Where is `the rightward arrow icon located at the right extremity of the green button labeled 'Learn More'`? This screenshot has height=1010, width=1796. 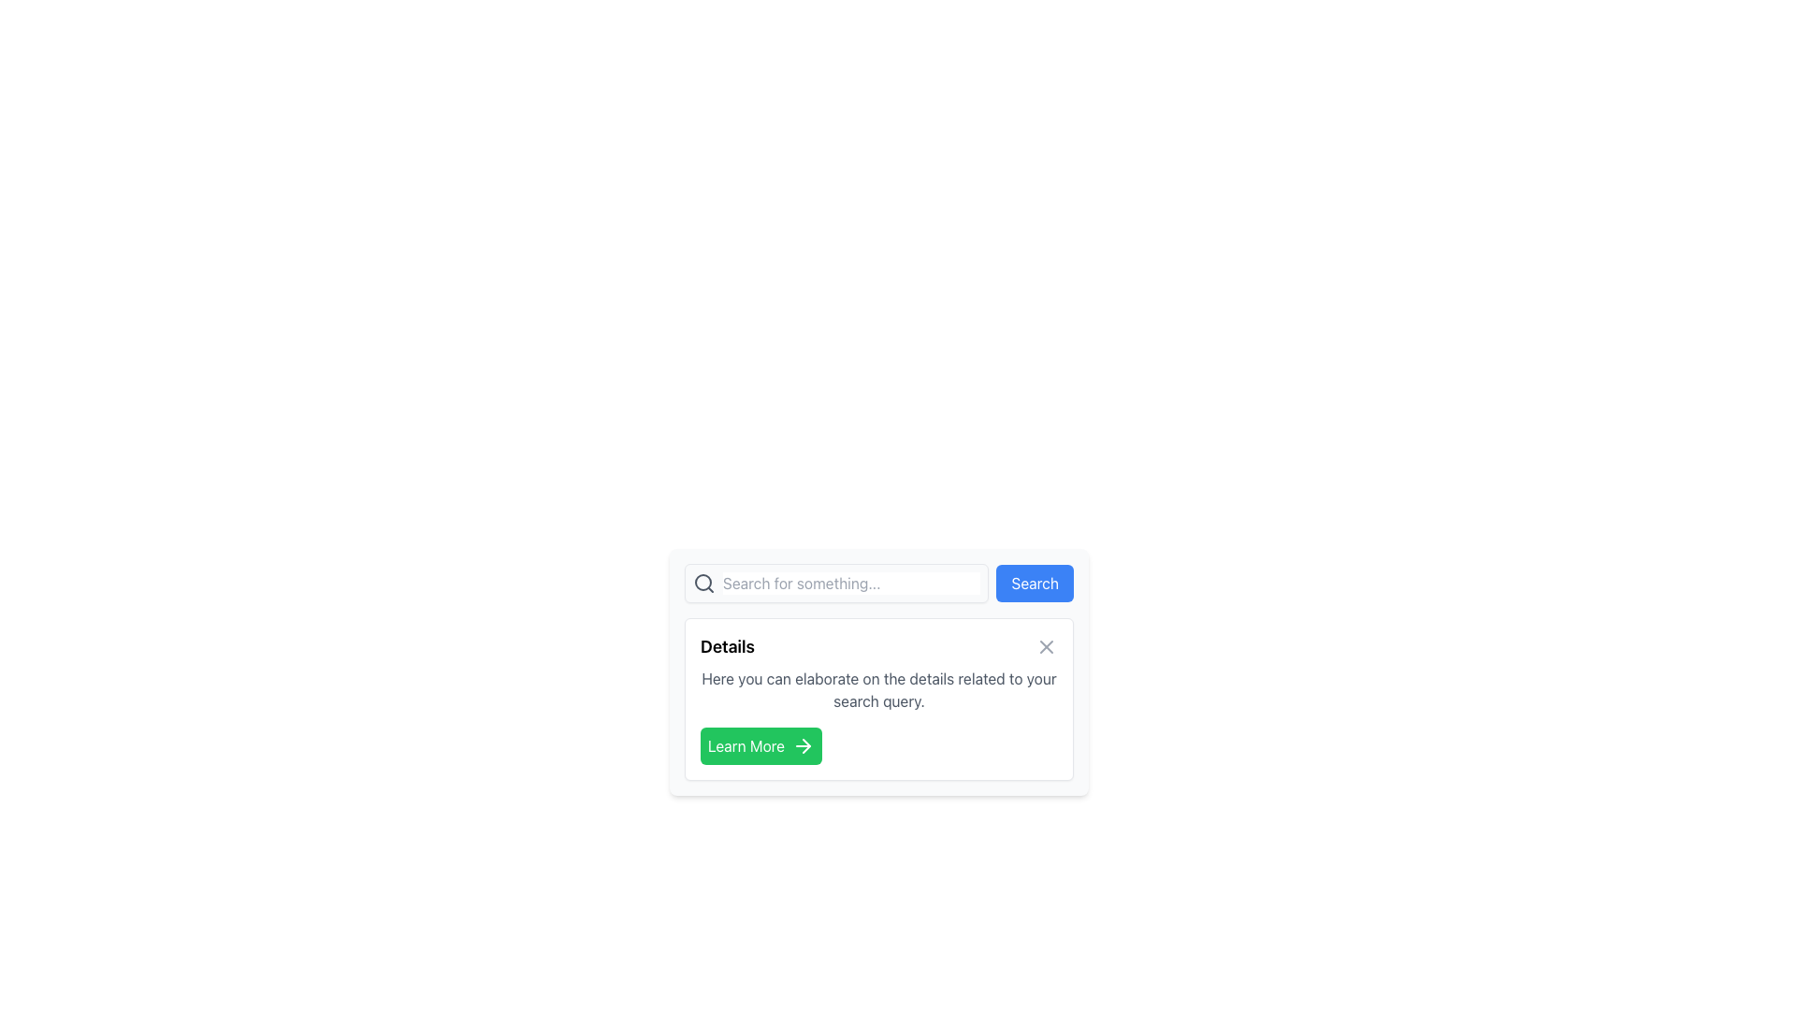 the rightward arrow icon located at the right extremity of the green button labeled 'Learn More' is located at coordinates (806, 745).